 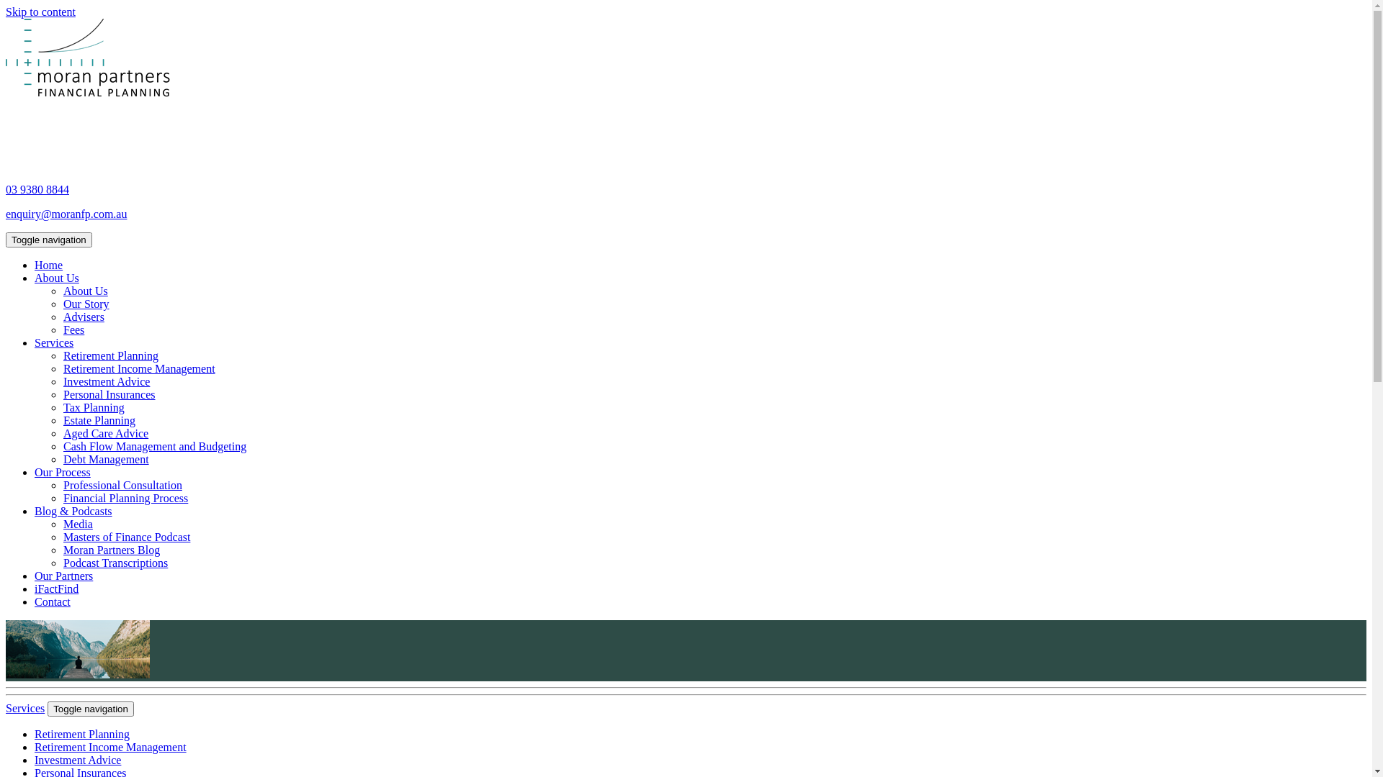 What do you see at coordinates (122, 485) in the screenshot?
I see `'Professional Consultation'` at bounding box center [122, 485].